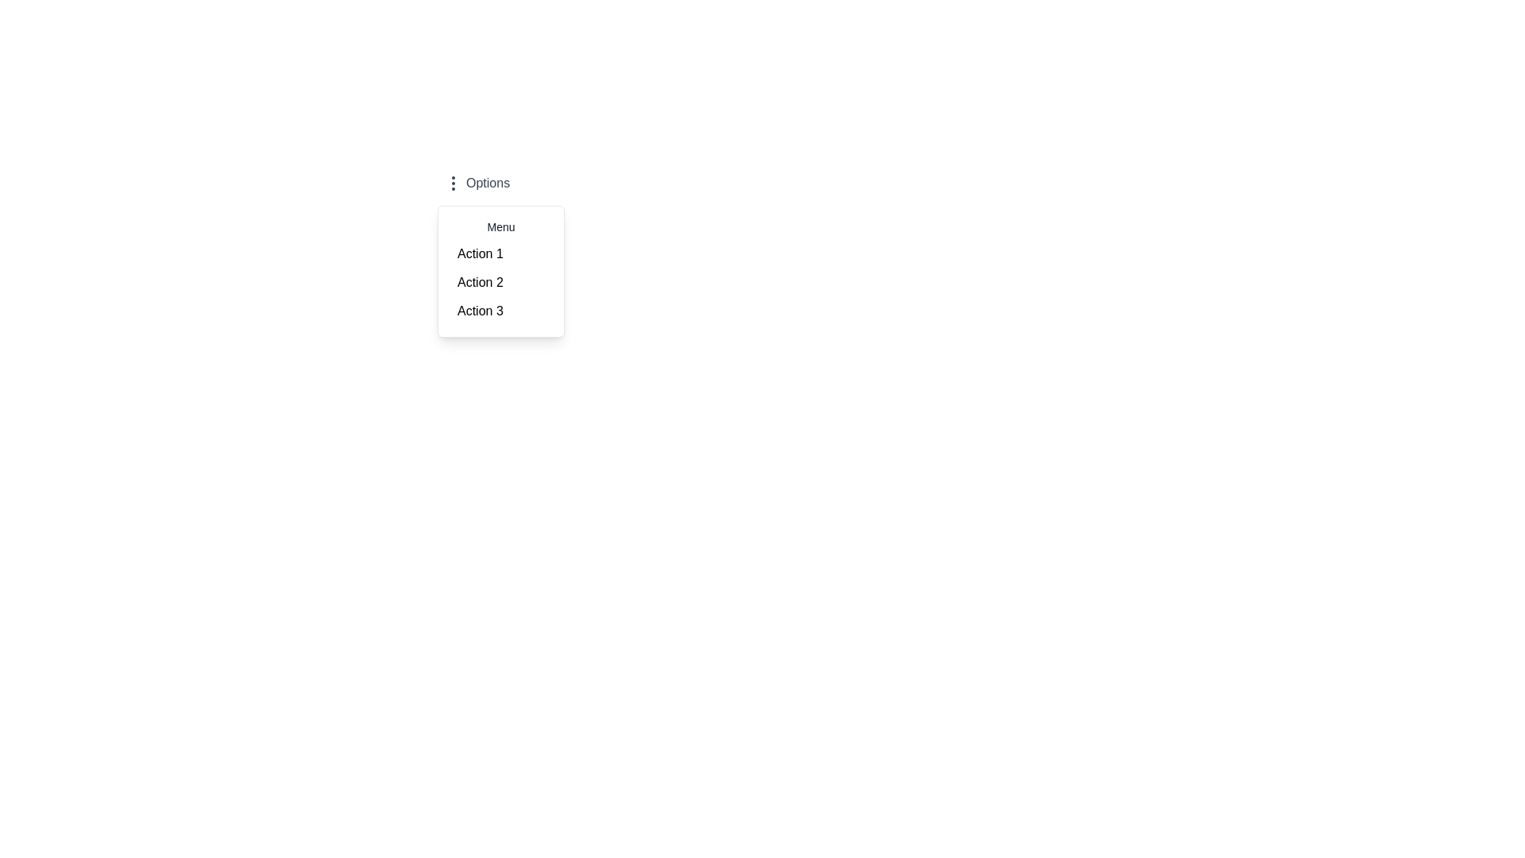  I want to click on the text label that identifies or categorizes the content in the dropdown menu, located centrally above the first action item, so click(500, 226).